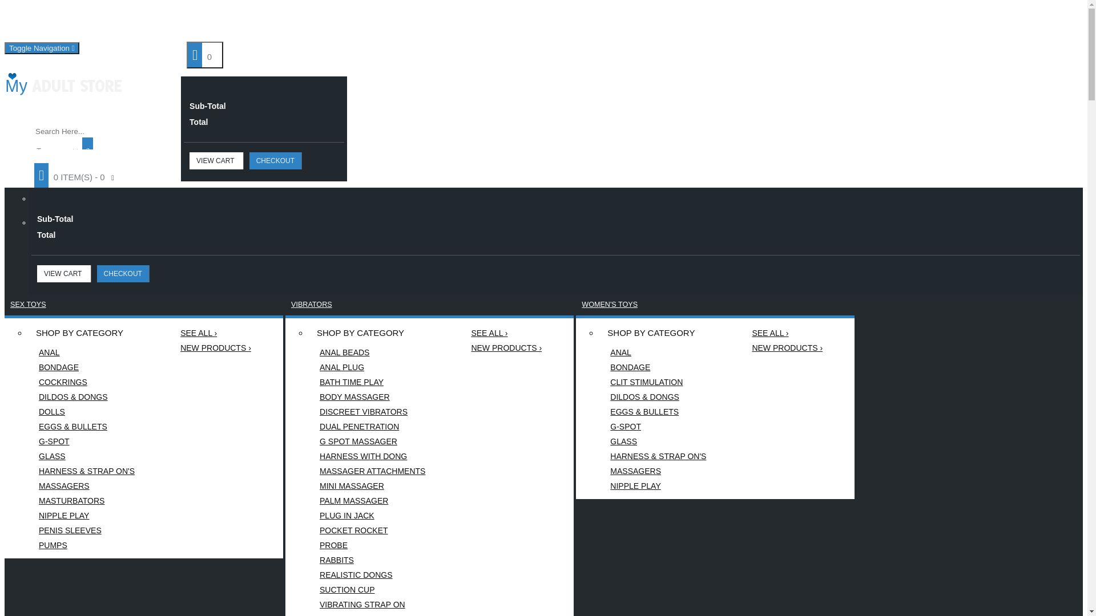 The height and width of the screenshot is (616, 1096). What do you see at coordinates (372, 441) in the screenshot?
I see `'G SPOT MASSAGER'` at bounding box center [372, 441].